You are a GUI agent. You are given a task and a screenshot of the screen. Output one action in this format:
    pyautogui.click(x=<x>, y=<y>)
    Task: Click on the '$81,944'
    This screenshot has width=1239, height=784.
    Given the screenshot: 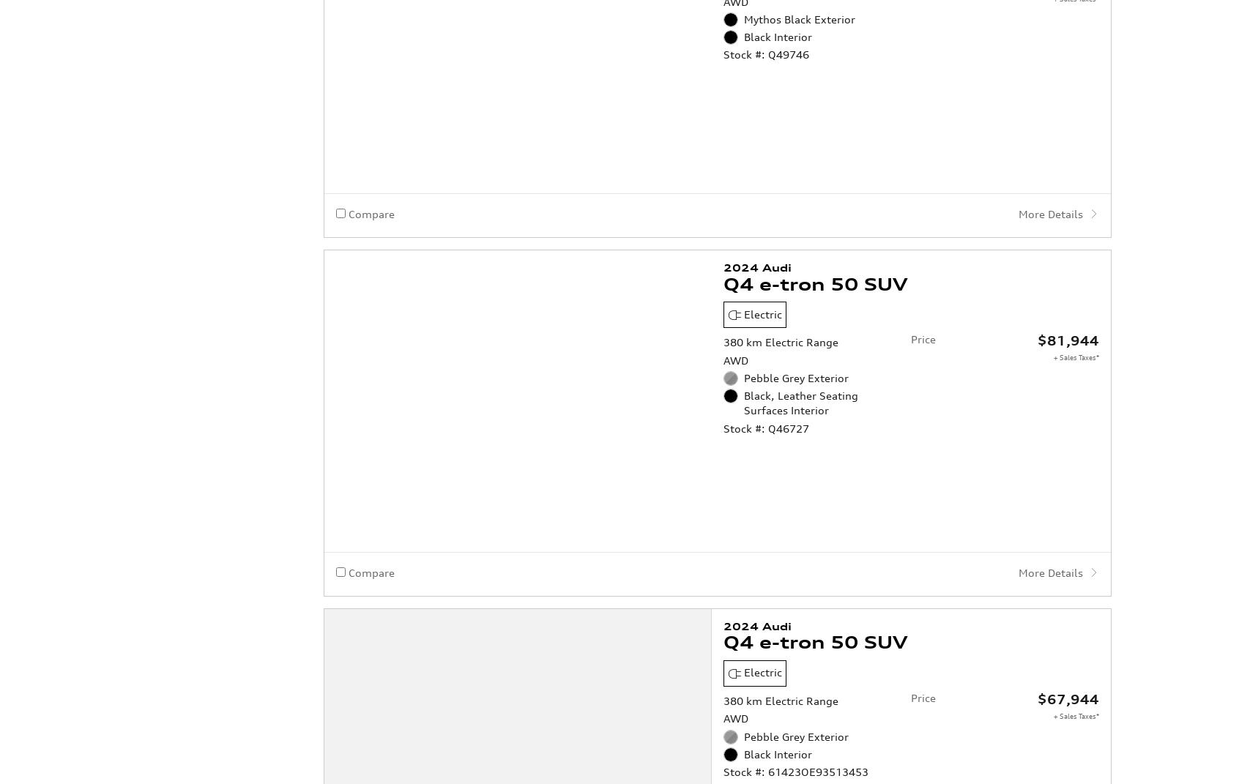 What is the action you would take?
    pyautogui.click(x=1037, y=280)
    